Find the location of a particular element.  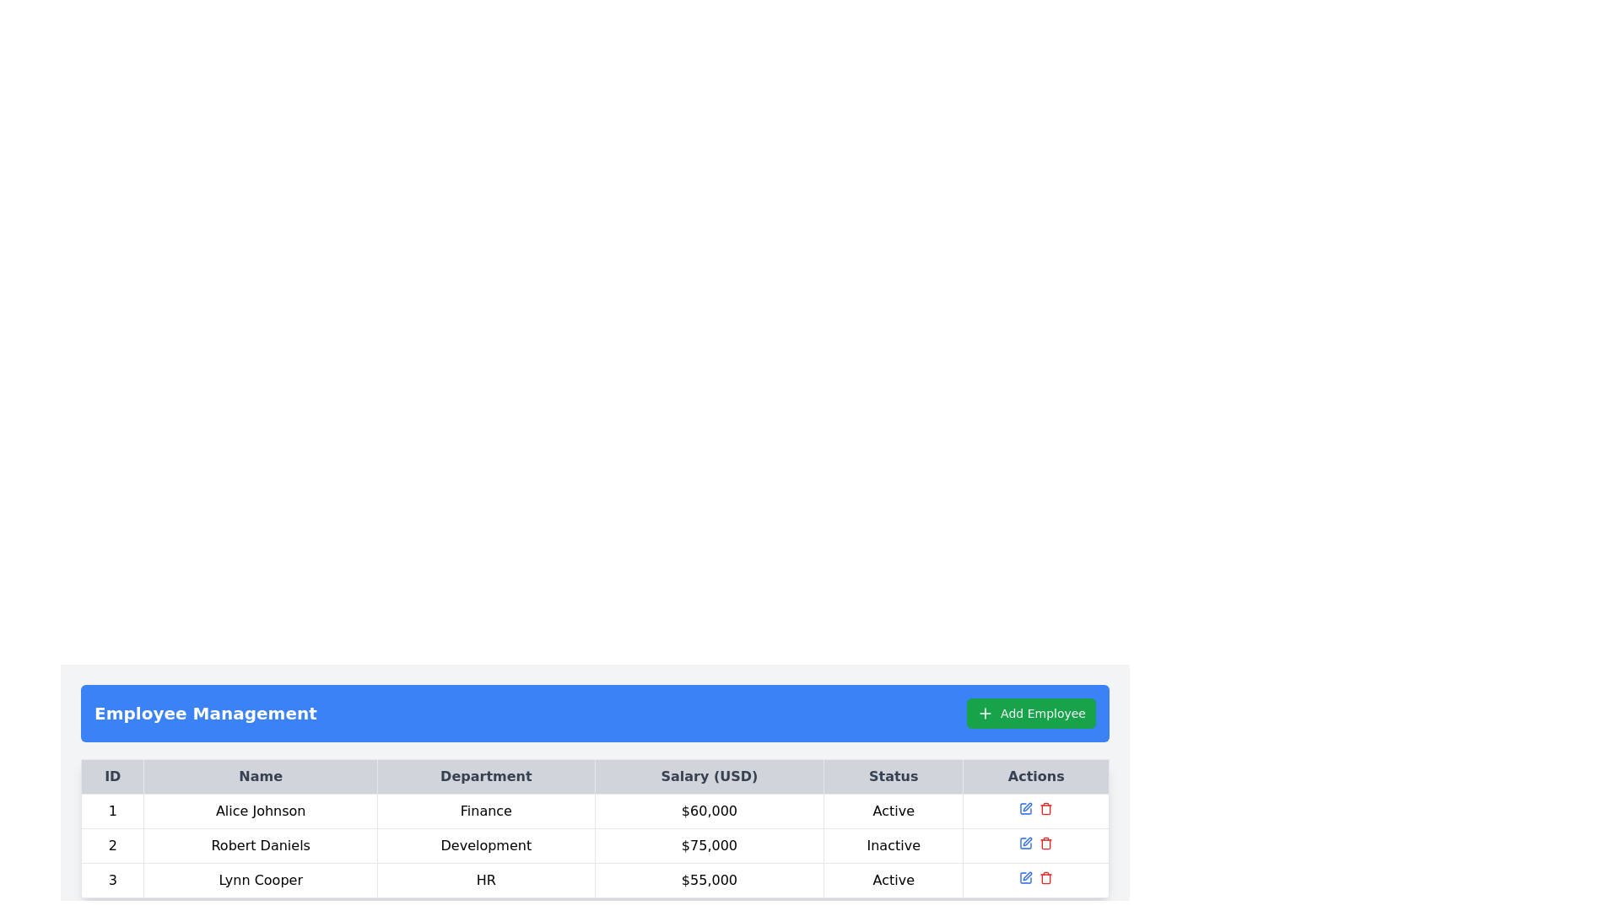

the edit icon button located in the 'Actions' column of the third row in the 'Employee Management' table to initiate editing for 'Lynn Cooper' is located at coordinates (1027, 875).